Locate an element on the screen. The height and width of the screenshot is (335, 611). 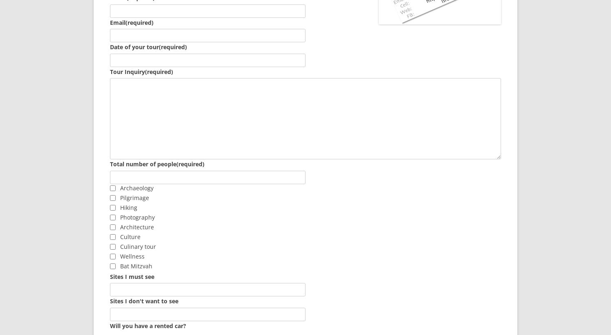
'Date of your tour' is located at coordinates (134, 47).